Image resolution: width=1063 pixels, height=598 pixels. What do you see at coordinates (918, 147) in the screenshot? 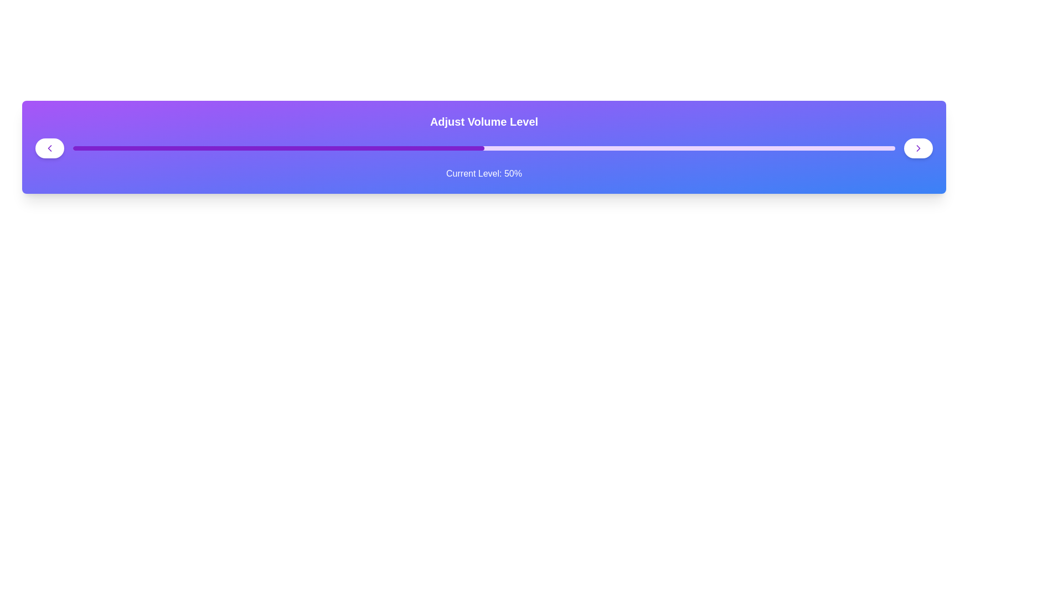
I see `the 'Increase volume' button located at the far right side of the horizontal group of controls for keyboard interaction` at bounding box center [918, 147].